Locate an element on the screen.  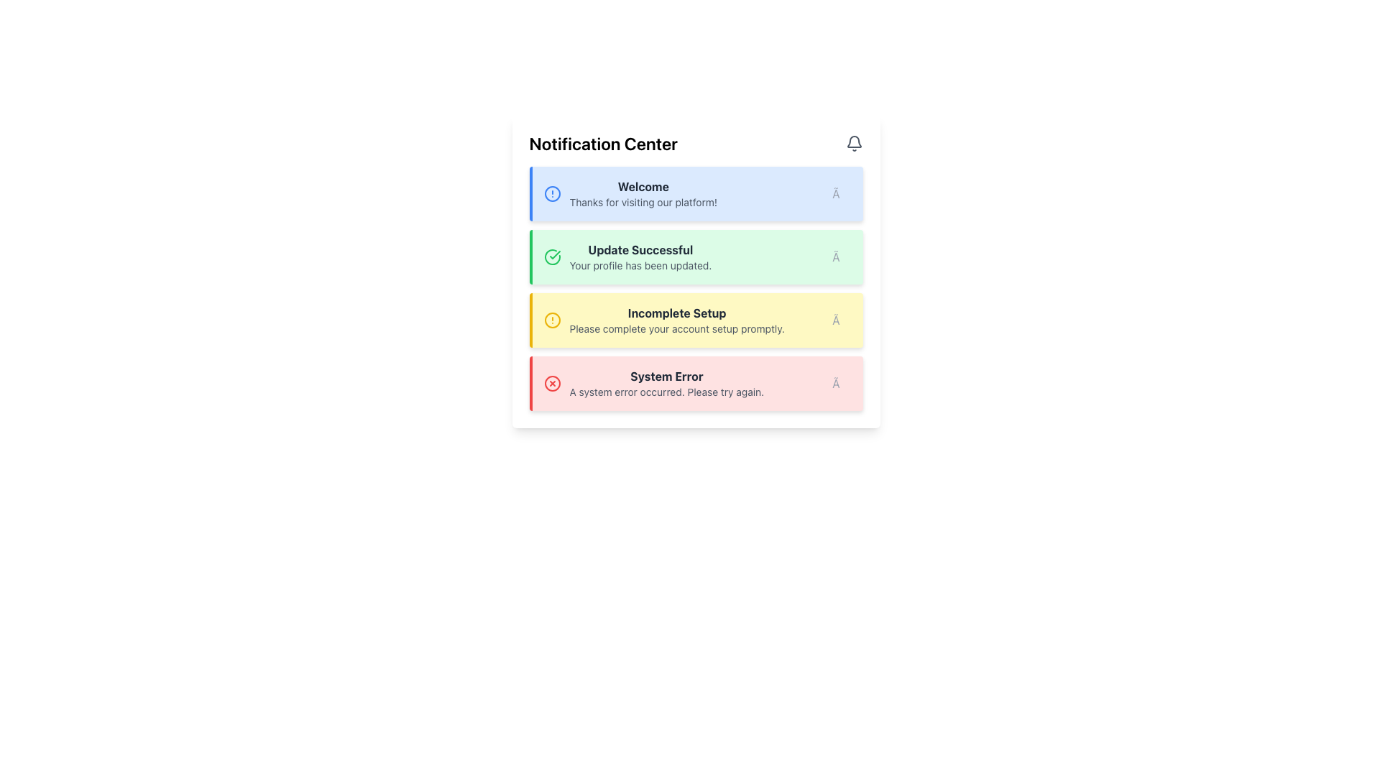
the text label that provides instructions regarding the account setup, located below the title 'Incomplete Setup' in the yellow notification card, to possibly reveal additional tooltips is located at coordinates (676, 329).